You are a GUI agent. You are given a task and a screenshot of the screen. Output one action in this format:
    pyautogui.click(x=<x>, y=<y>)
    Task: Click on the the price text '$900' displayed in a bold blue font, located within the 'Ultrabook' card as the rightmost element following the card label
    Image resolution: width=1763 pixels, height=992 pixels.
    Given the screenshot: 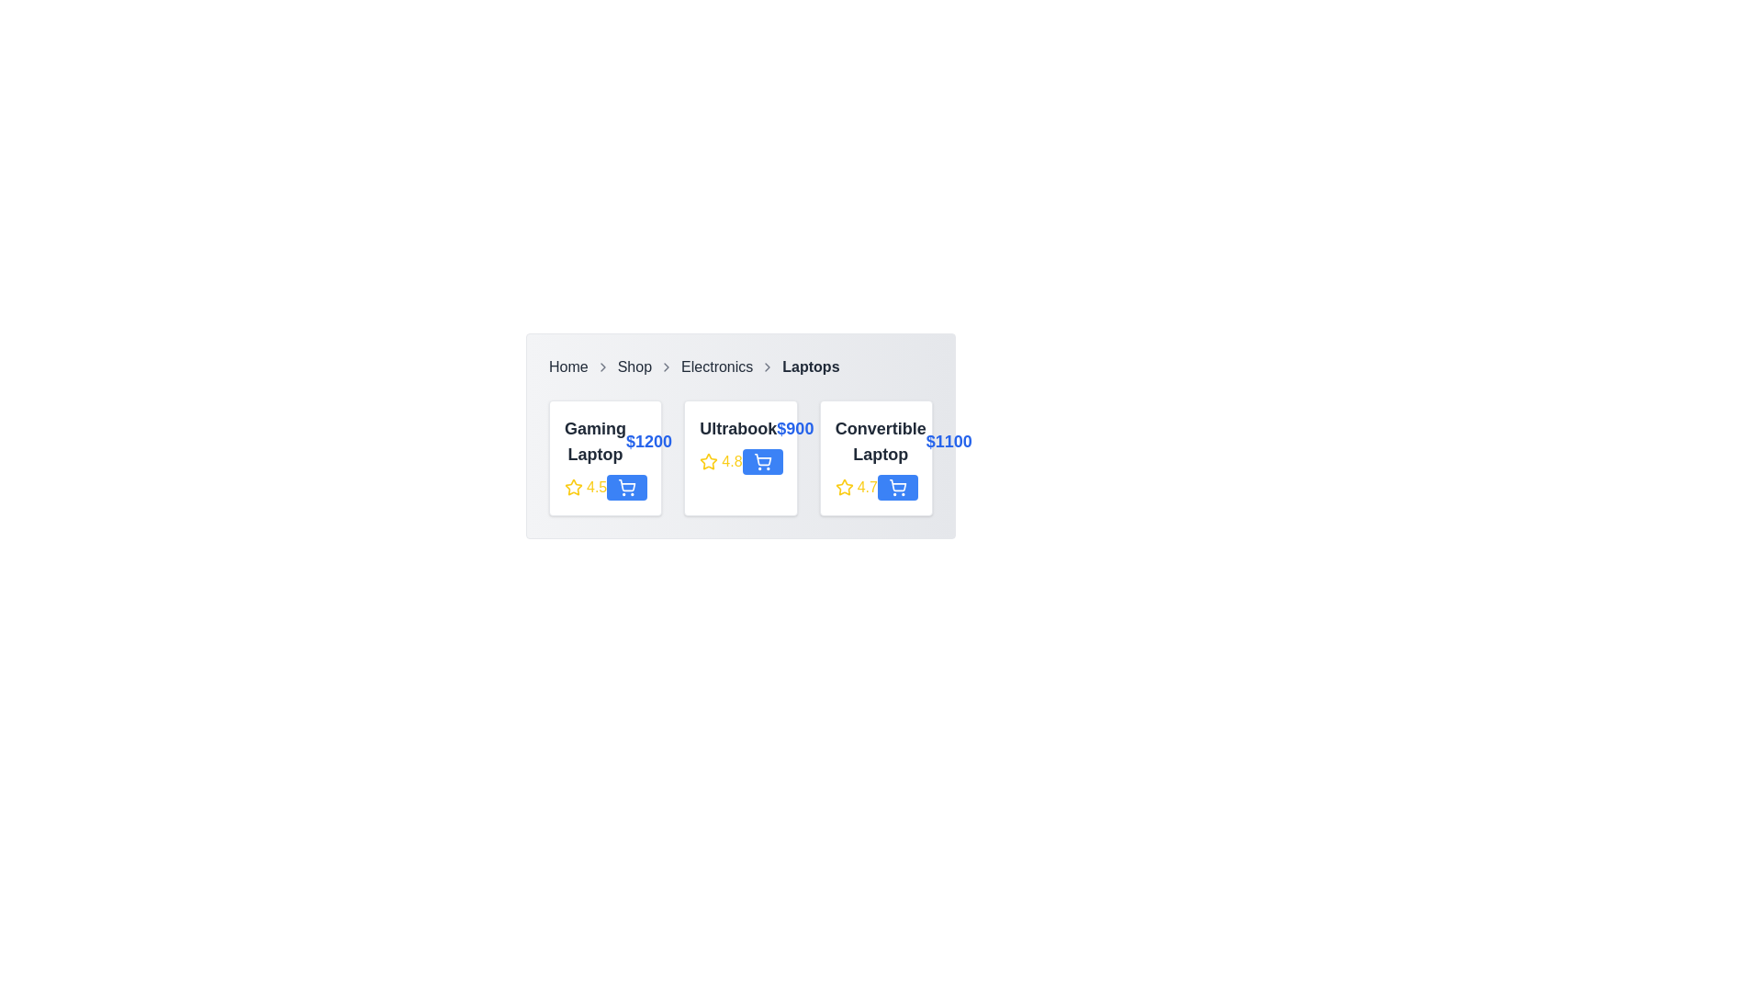 What is the action you would take?
    pyautogui.click(x=795, y=428)
    